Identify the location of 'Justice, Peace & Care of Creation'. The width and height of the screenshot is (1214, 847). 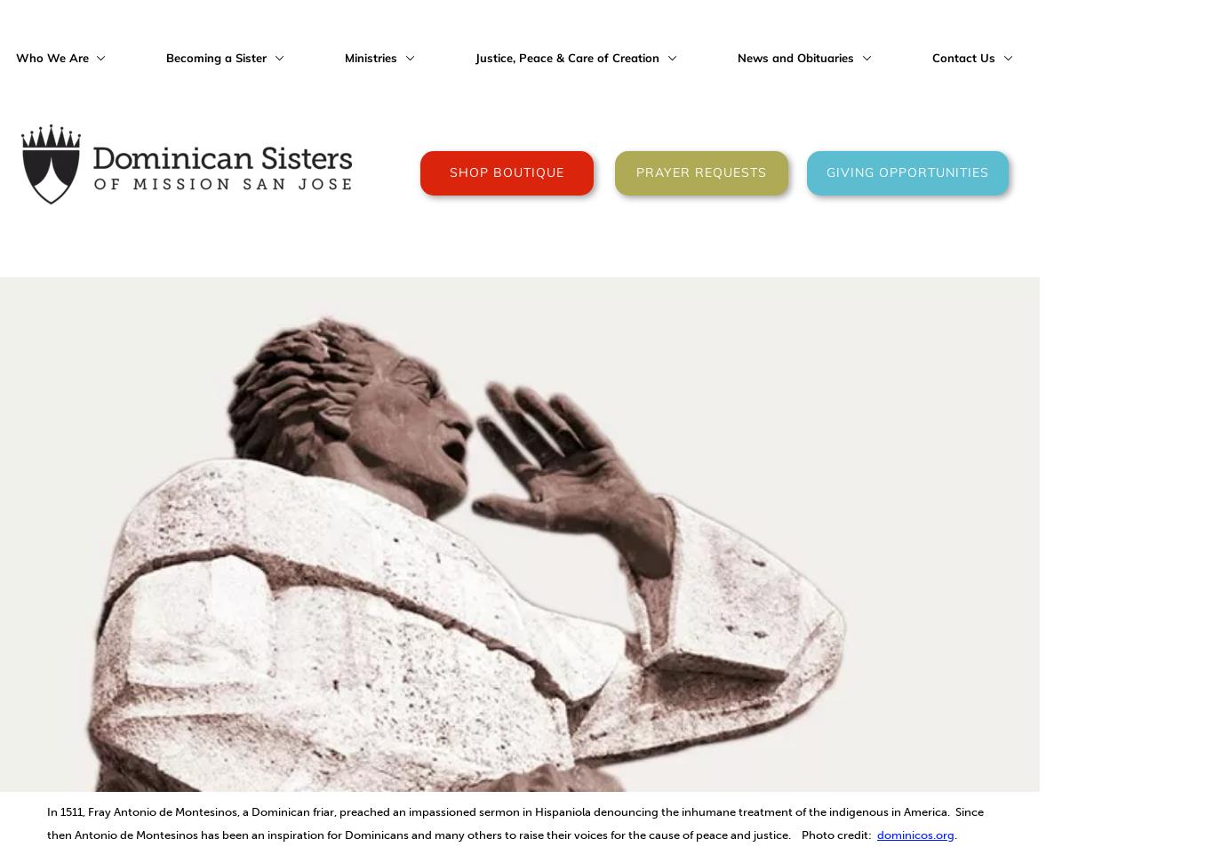
(475, 56).